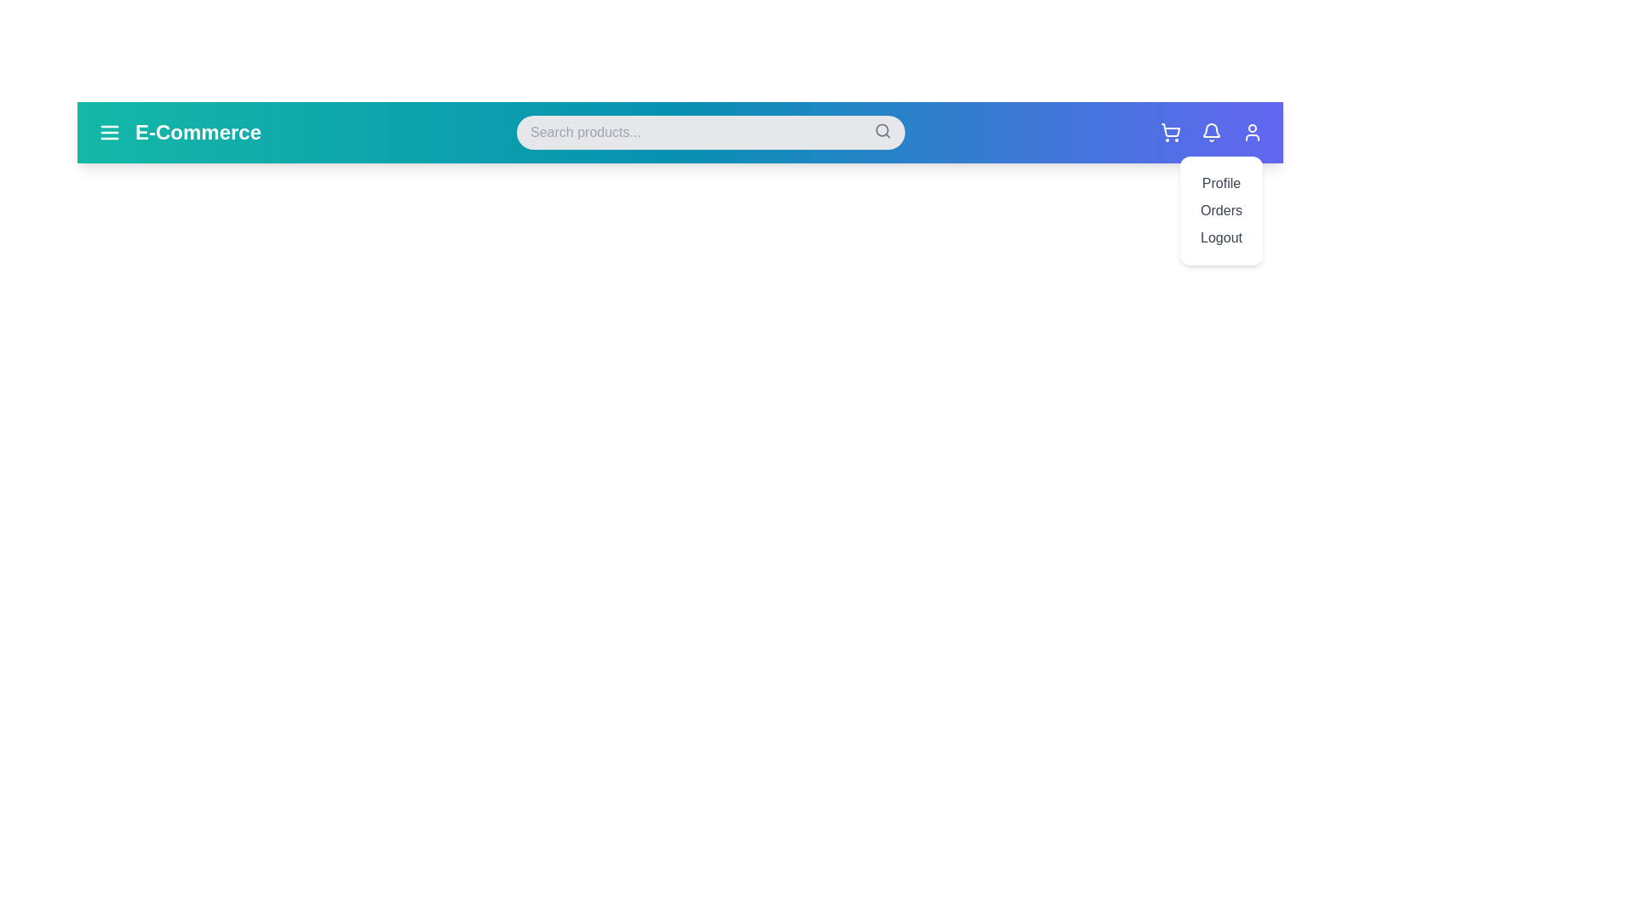 The height and width of the screenshot is (919, 1635). What do you see at coordinates (1210, 131) in the screenshot?
I see `the notifications icon to open the notifications menu` at bounding box center [1210, 131].